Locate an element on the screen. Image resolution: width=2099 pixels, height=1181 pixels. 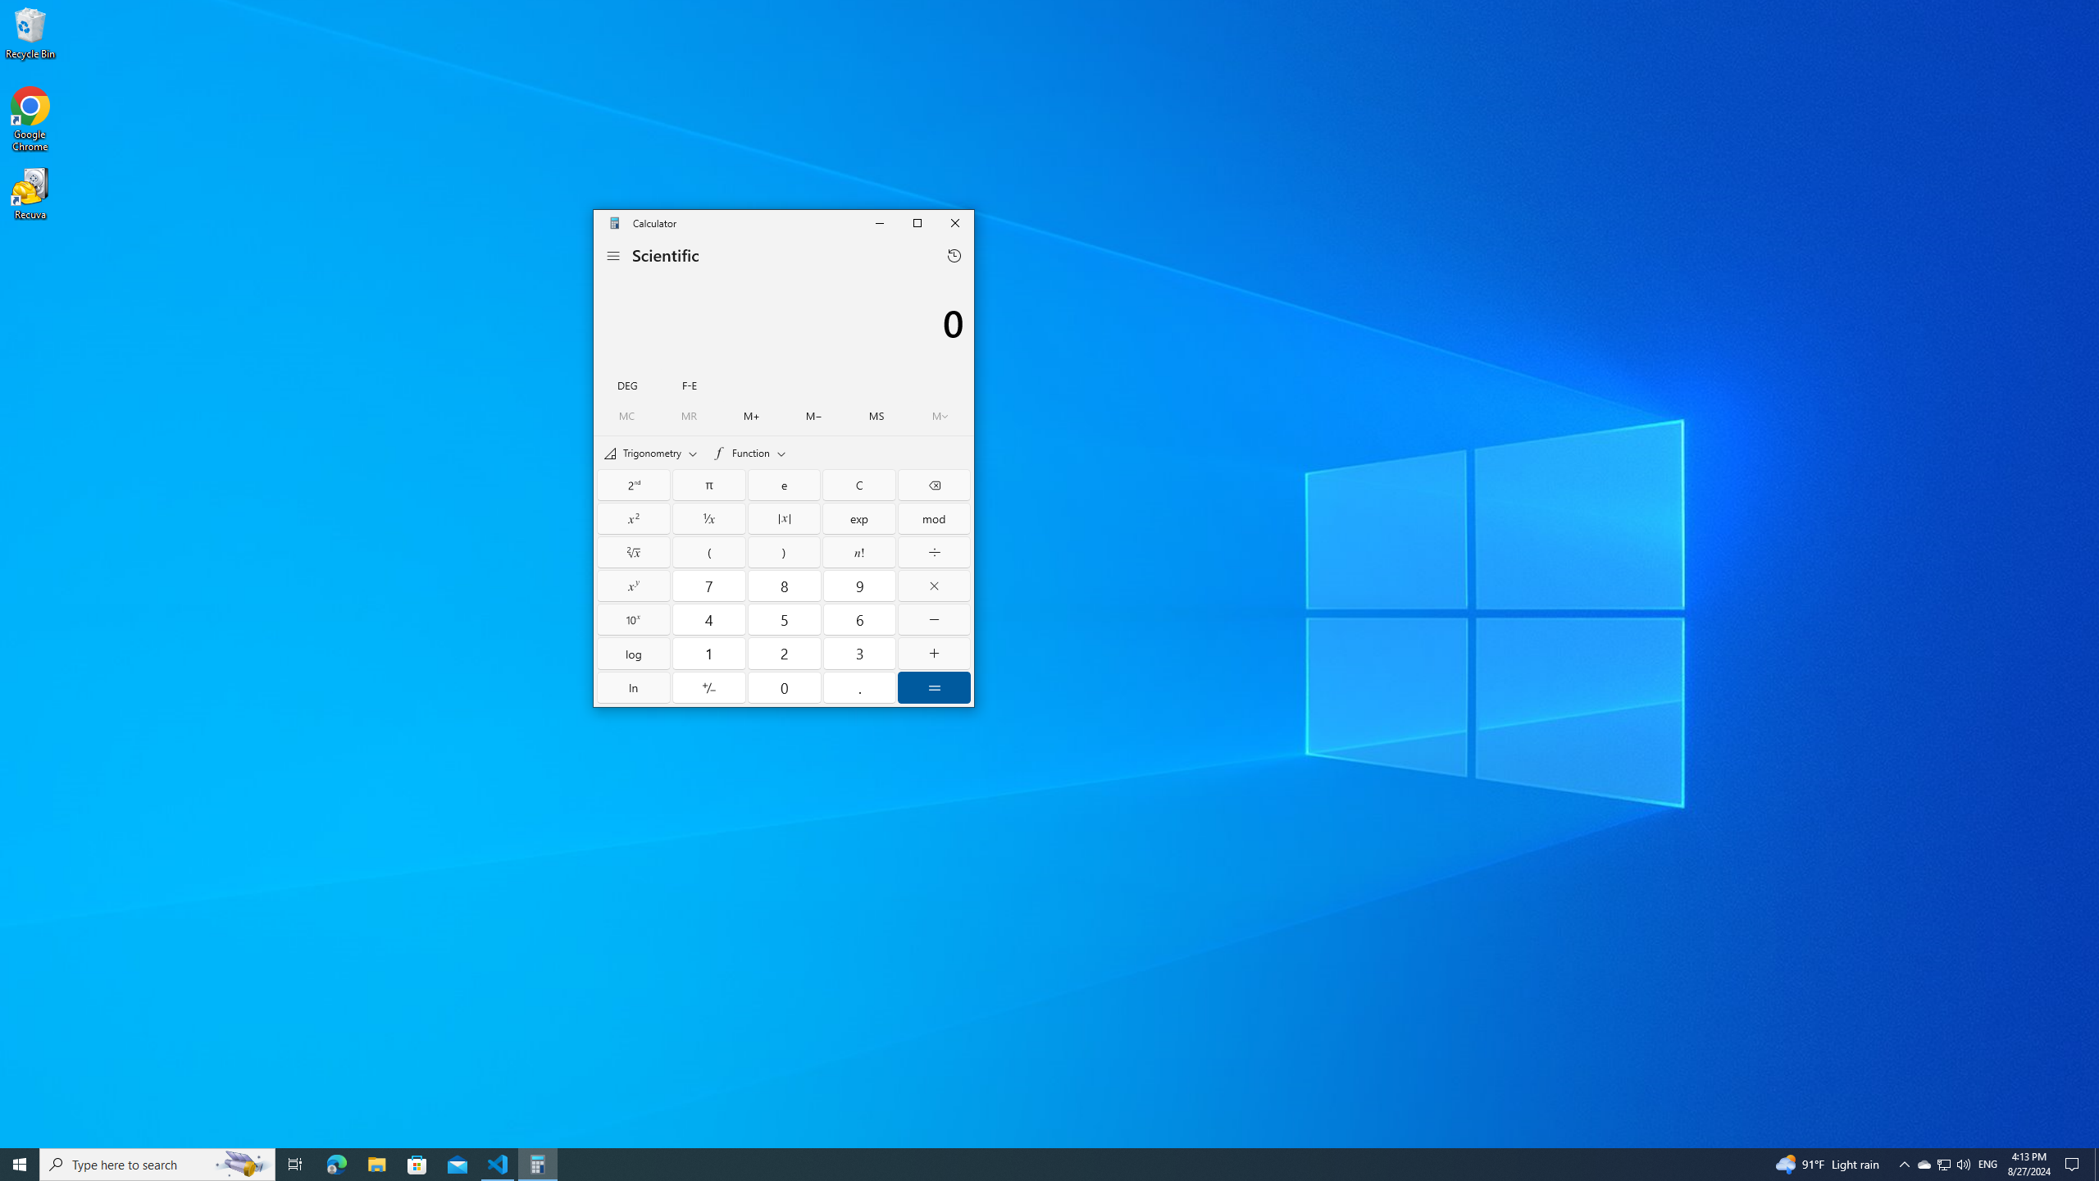
'Maximize Calculator' is located at coordinates (916, 222).